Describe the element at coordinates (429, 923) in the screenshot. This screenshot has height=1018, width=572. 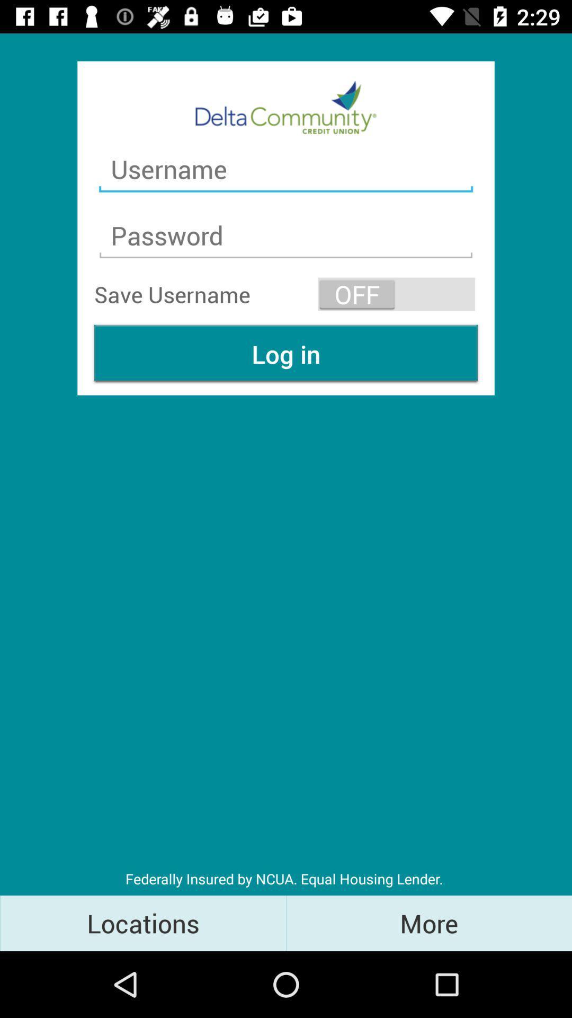
I see `the icon at the bottom right corner` at that location.